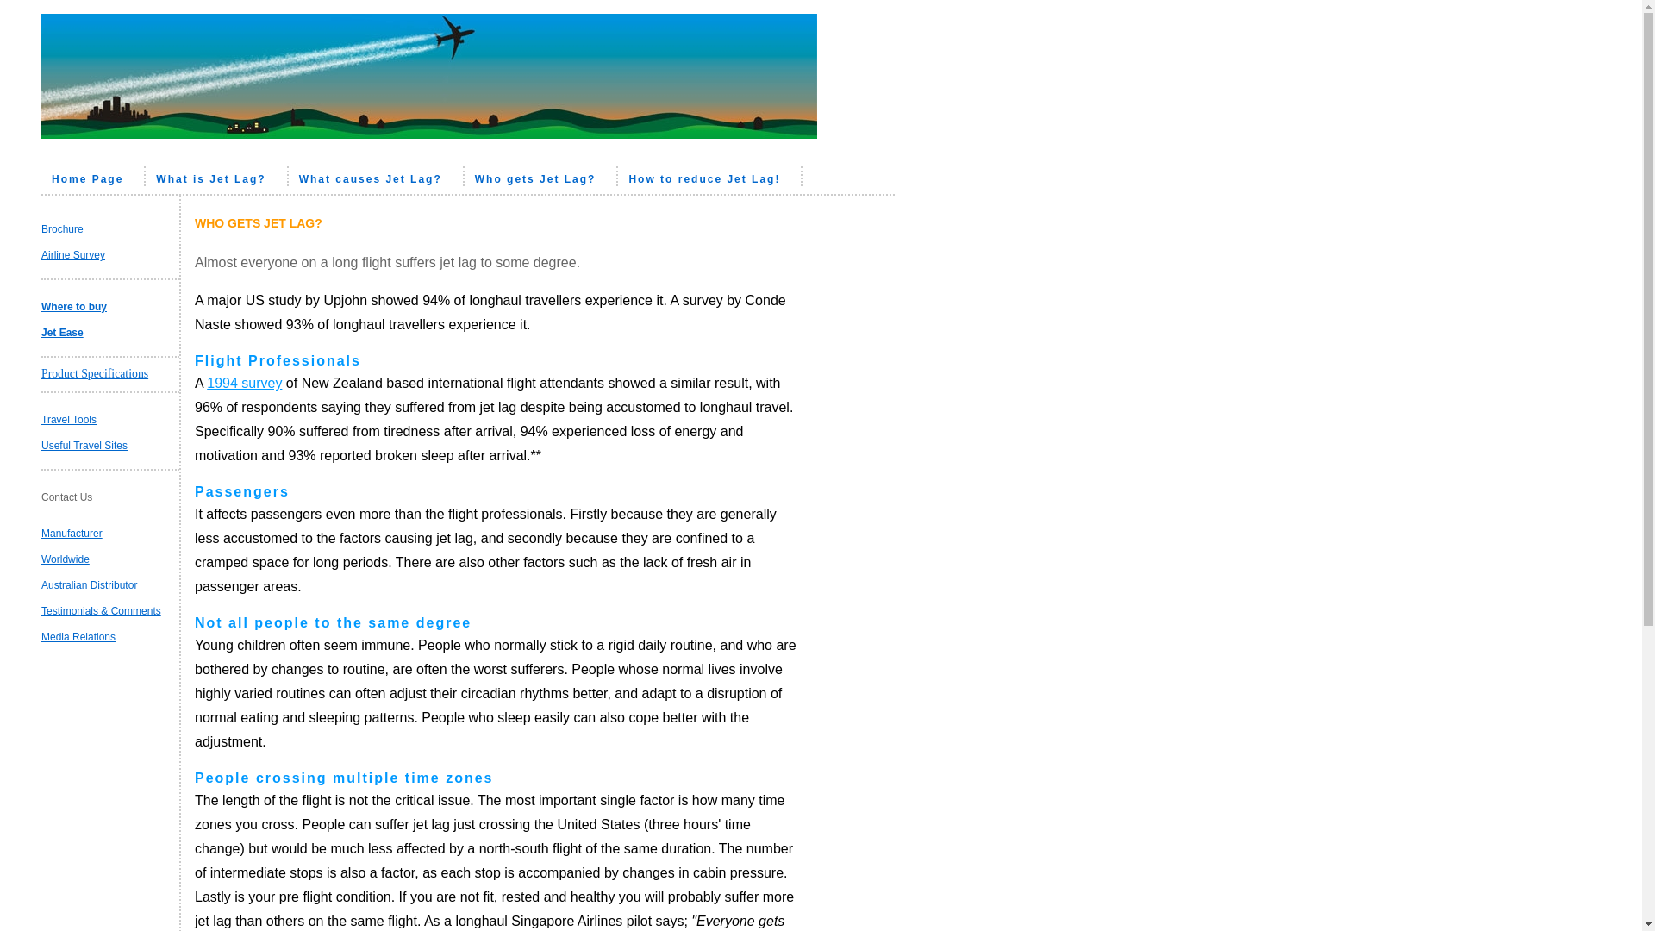 The height and width of the screenshot is (931, 1655). I want to click on '1994 survey', so click(207, 382).